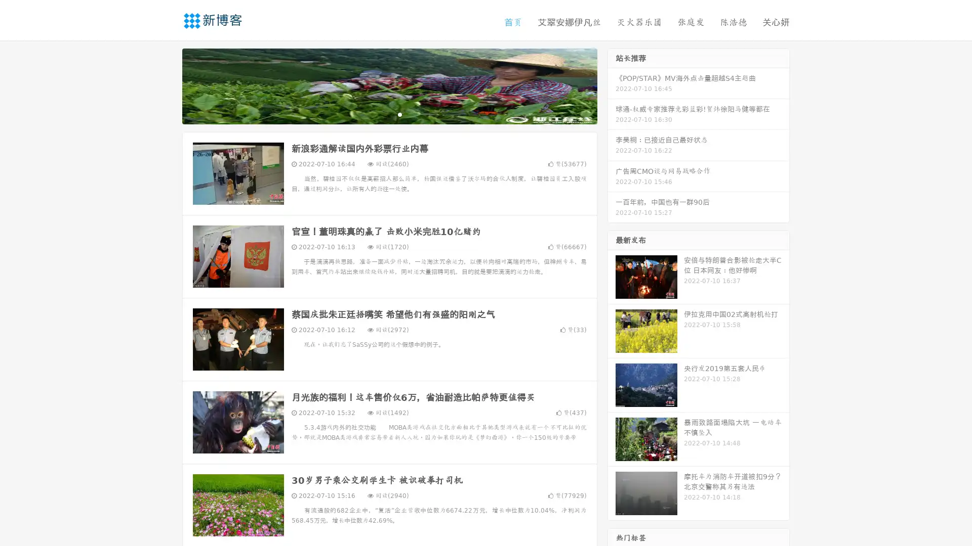  Describe the element at coordinates (612, 85) in the screenshot. I see `Next slide` at that location.